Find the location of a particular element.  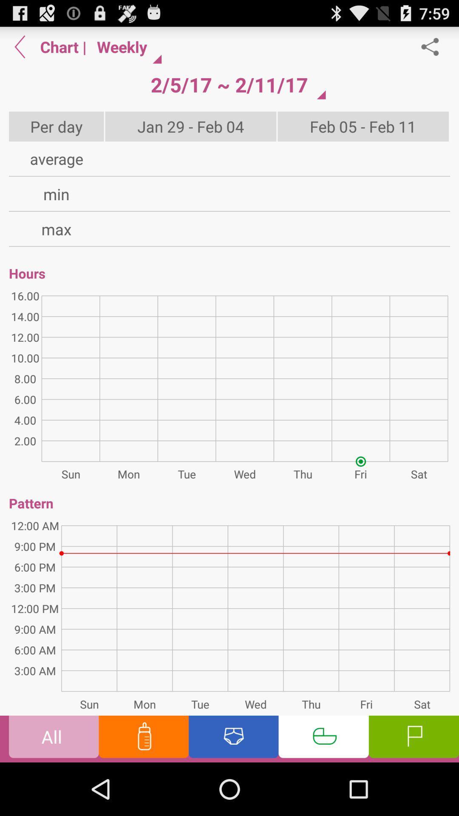

item above 2 5 17 item is located at coordinates (126, 46).